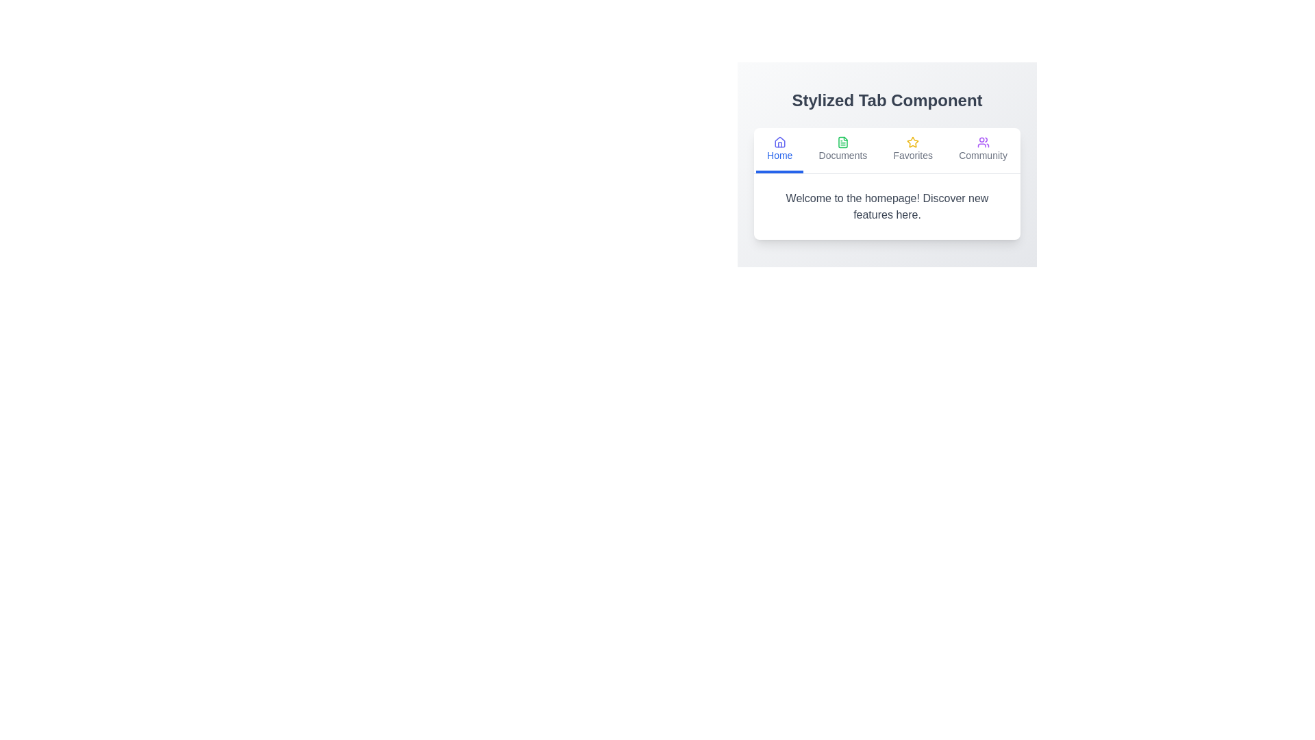  What do you see at coordinates (779, 155) in the screenshot?
I see `the 'Home' tab label, which is a blue text display with a blue underline indicating it's the active tab in the navigation bar, to switch to the 'Home' content` at bounding box center [779, 155].